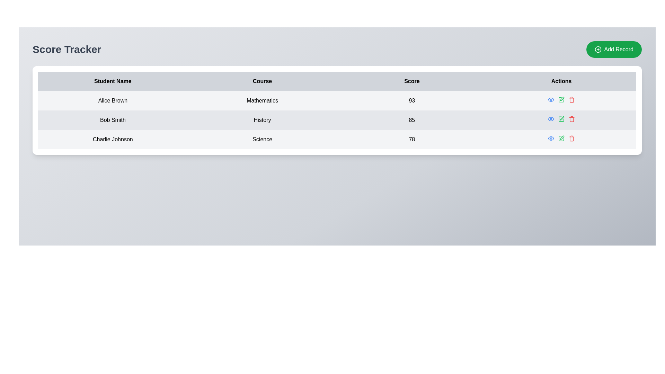  I want to click on the green edit icon in the Actions column for the 'Charlie Johnson' entry to modify the entry, so click(561, 139).